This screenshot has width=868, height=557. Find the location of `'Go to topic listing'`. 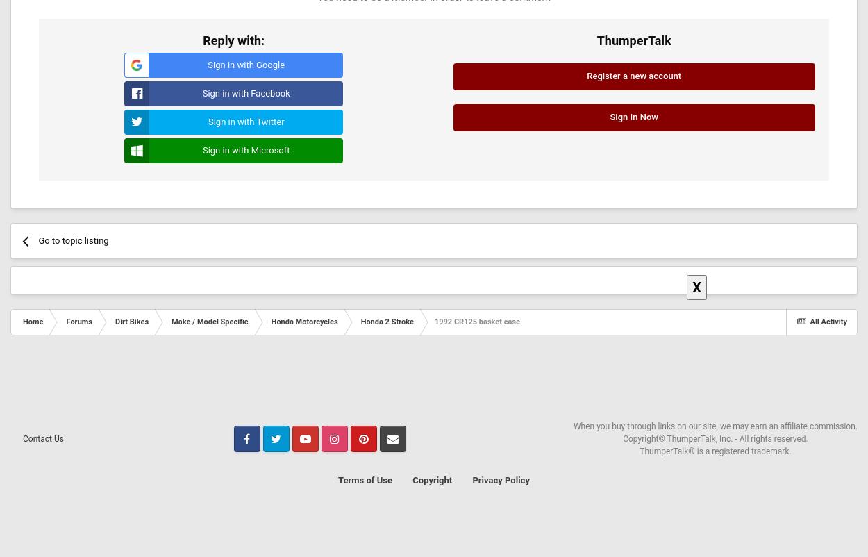

'Go to topic listing' is located at coordinates (72, 240).